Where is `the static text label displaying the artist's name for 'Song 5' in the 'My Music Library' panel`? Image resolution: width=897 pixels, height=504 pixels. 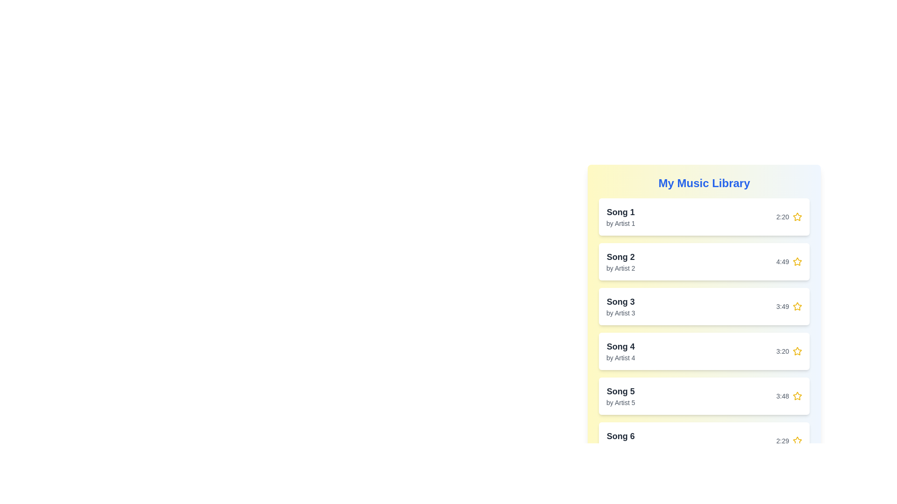
the static text label displaying the artist's name for 'Song 5' in the 'My Music Library' panel is located at coordinates (620, 402).